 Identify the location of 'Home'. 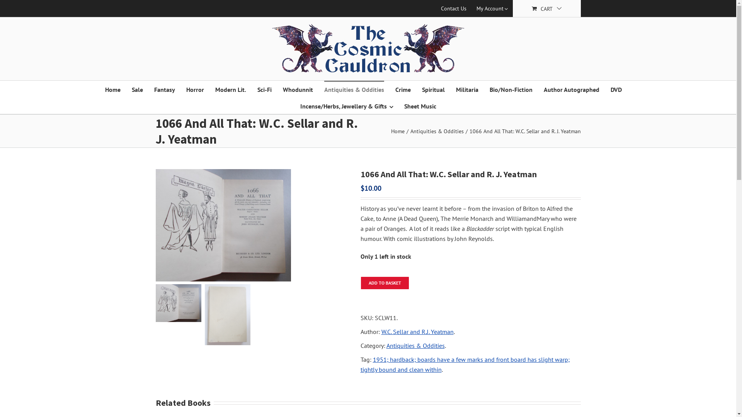
(112, 88).